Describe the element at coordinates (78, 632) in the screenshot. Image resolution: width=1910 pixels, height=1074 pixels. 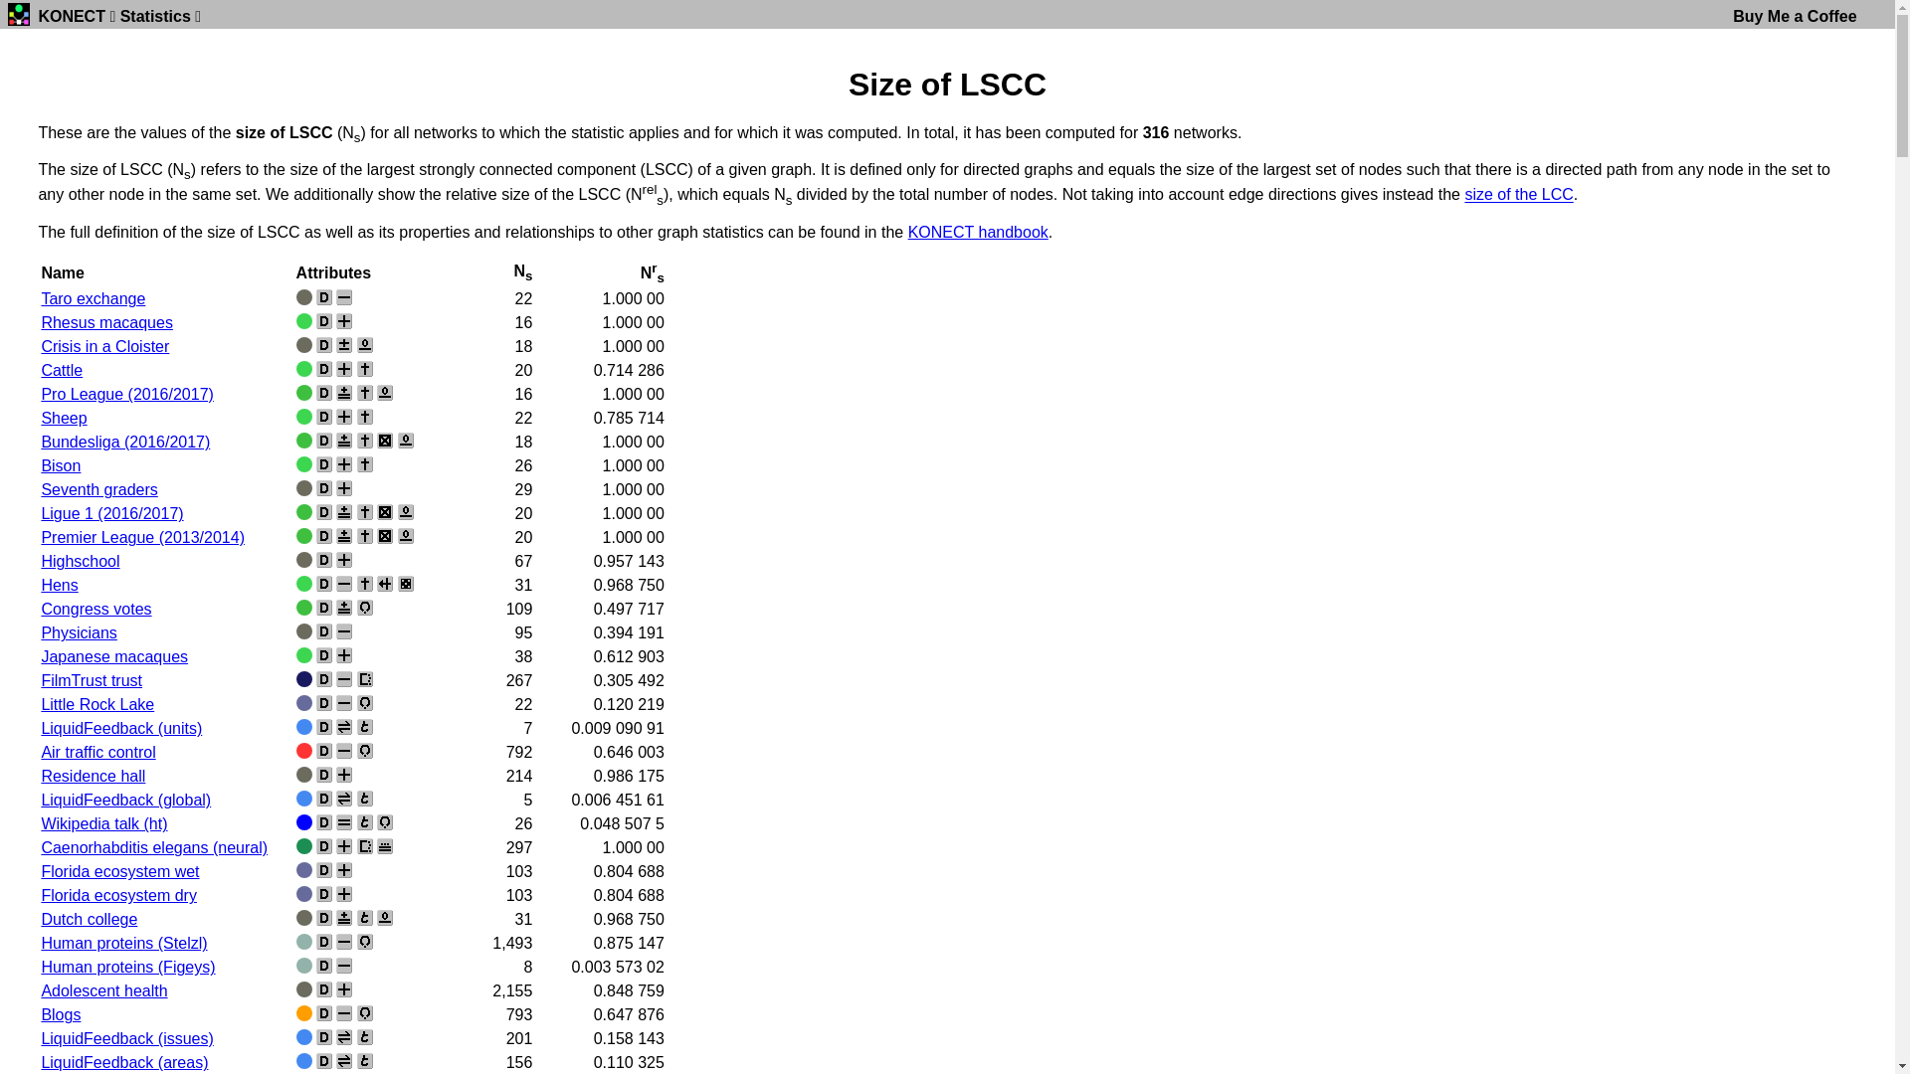
I see `'Physicians'` at that location.